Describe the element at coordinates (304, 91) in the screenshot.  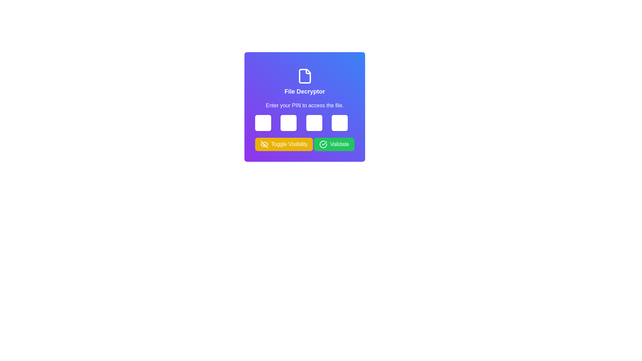
I see `the 'File Decryptor' static text label, which is styled with a bold, larger font and positioned centrally within a blue-to-purple gradient rectangle, located directly under a document icon` at that location.